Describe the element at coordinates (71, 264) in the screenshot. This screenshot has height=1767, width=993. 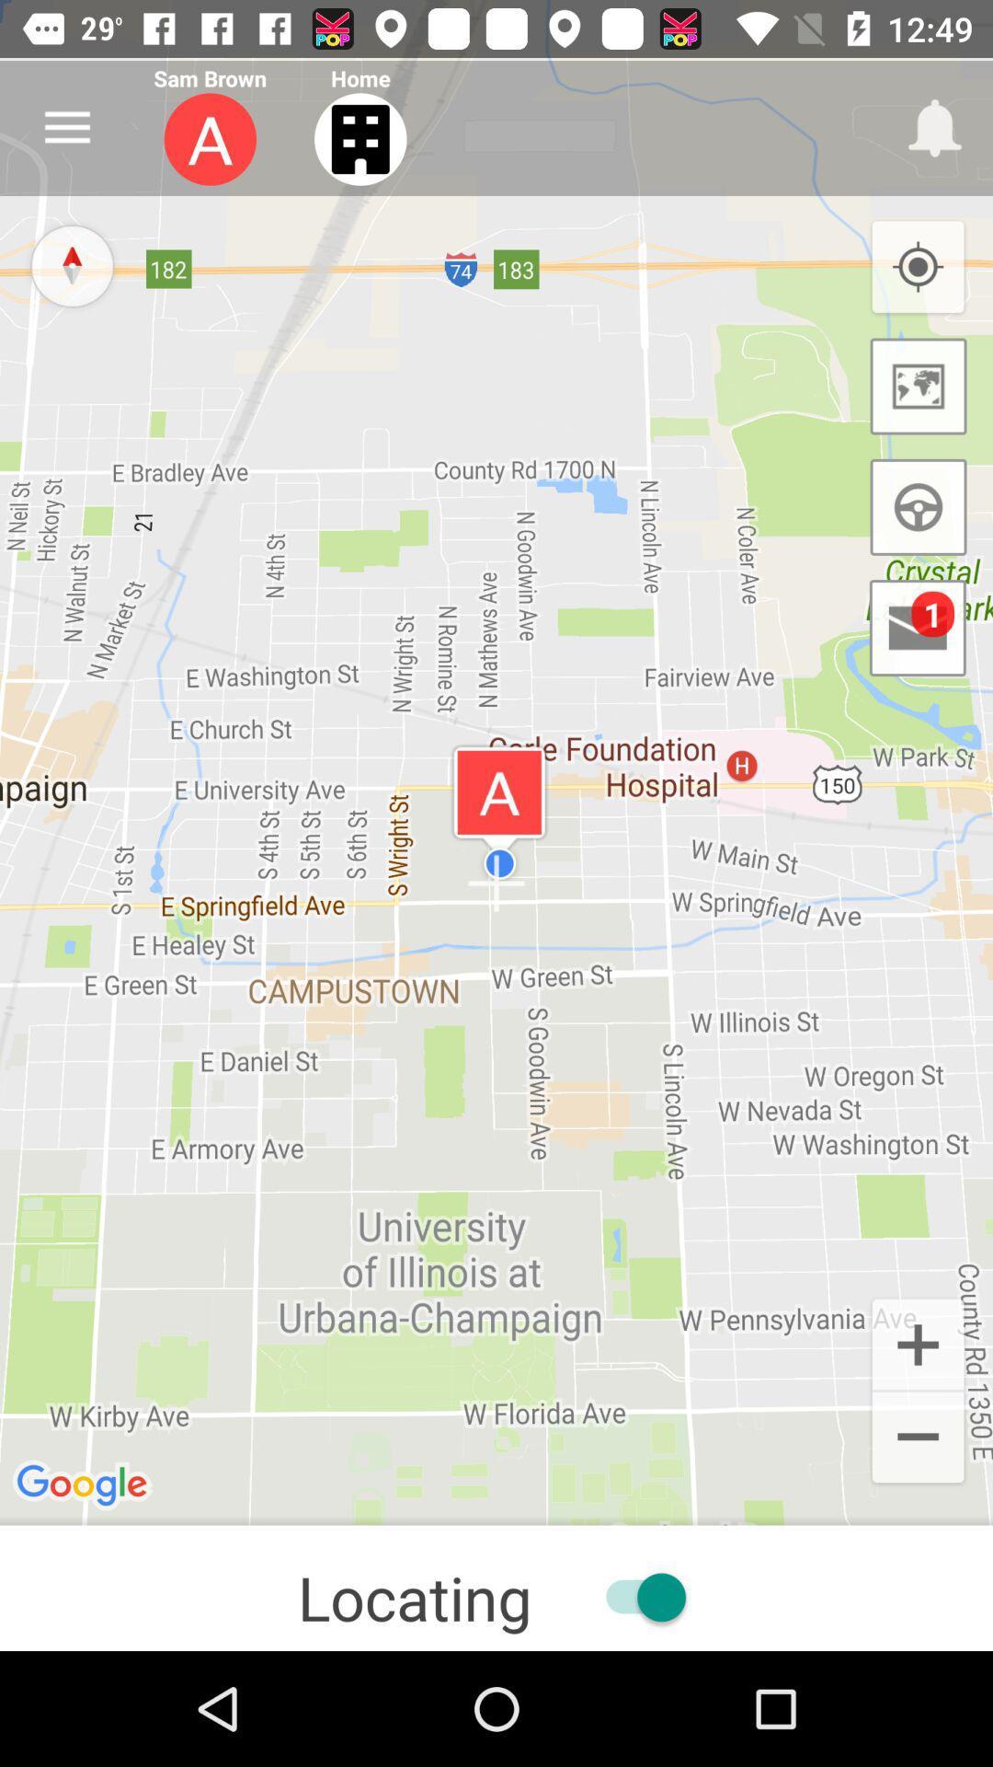
I see `the explore icon` at that location.